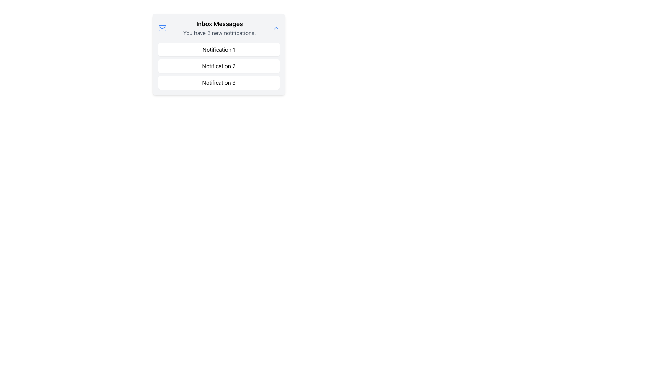 The image size is (662, 372). Describe the element at coordinates (162, 28) in the screenshot. I see `the inner rectangular SVG element within the envelope icon of the 'Inbox Messages' notification section` at that location.